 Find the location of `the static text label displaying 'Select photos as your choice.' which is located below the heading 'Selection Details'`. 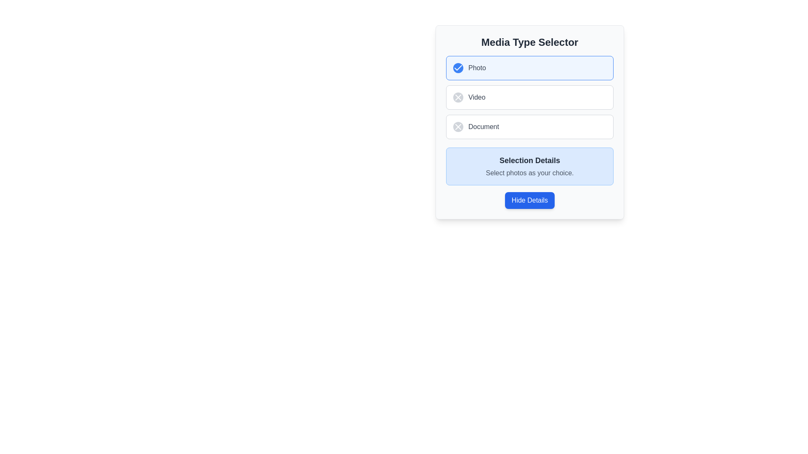

the static text label displaying 'Select photos as your choice.' which is located below the heading 'Selection Details' is located at coordinates (529, 173).